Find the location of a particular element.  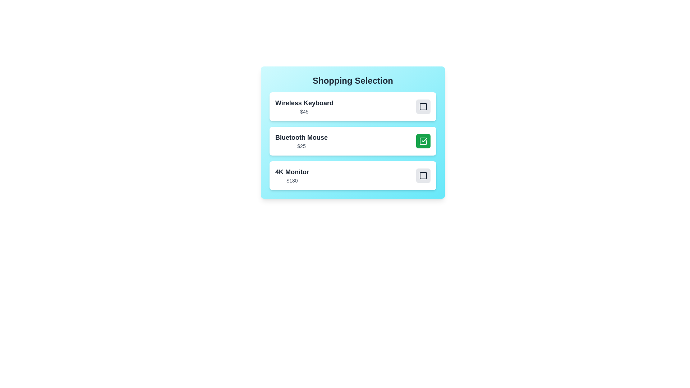

the checkbox located to the far right of the row associated with 'Wireless Keyboard' is located at coordinates (423, 107).